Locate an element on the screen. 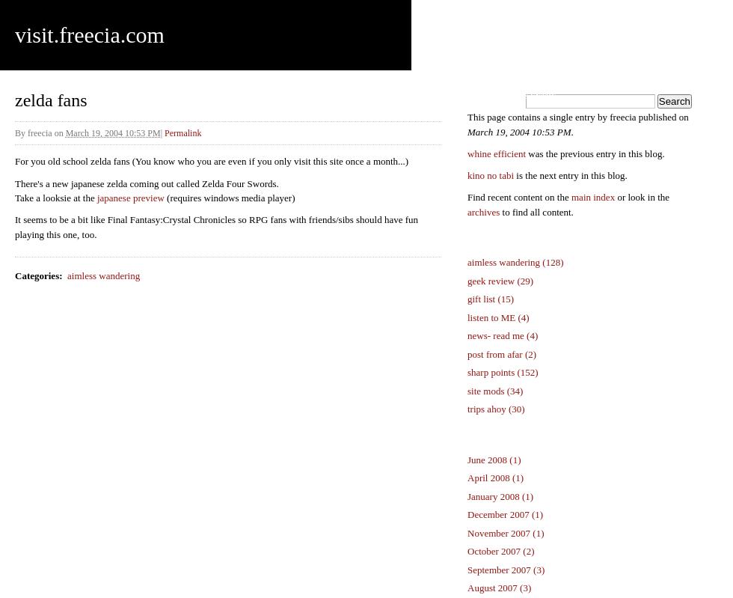 This screenshot has height=598, width=733. 'trips ahoy (30)' is located at coordinates (495, 408).